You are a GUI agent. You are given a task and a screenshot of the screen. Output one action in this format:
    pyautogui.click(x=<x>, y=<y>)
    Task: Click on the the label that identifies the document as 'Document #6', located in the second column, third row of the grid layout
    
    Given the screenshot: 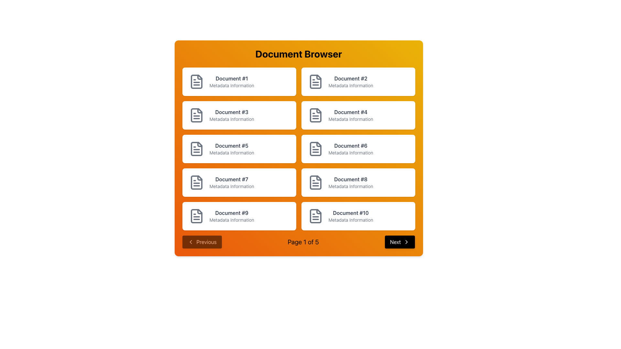 What is the action you would take?
    pyautogui.click(x=350, y=146)
    